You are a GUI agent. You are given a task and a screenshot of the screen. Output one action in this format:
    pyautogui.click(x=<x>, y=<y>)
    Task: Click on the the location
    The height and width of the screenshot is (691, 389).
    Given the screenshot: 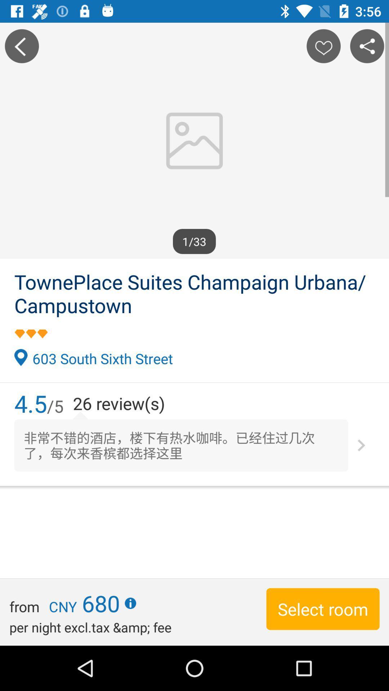 What is the action you would take?
    pyautogui.click(x=323, y=46)
    